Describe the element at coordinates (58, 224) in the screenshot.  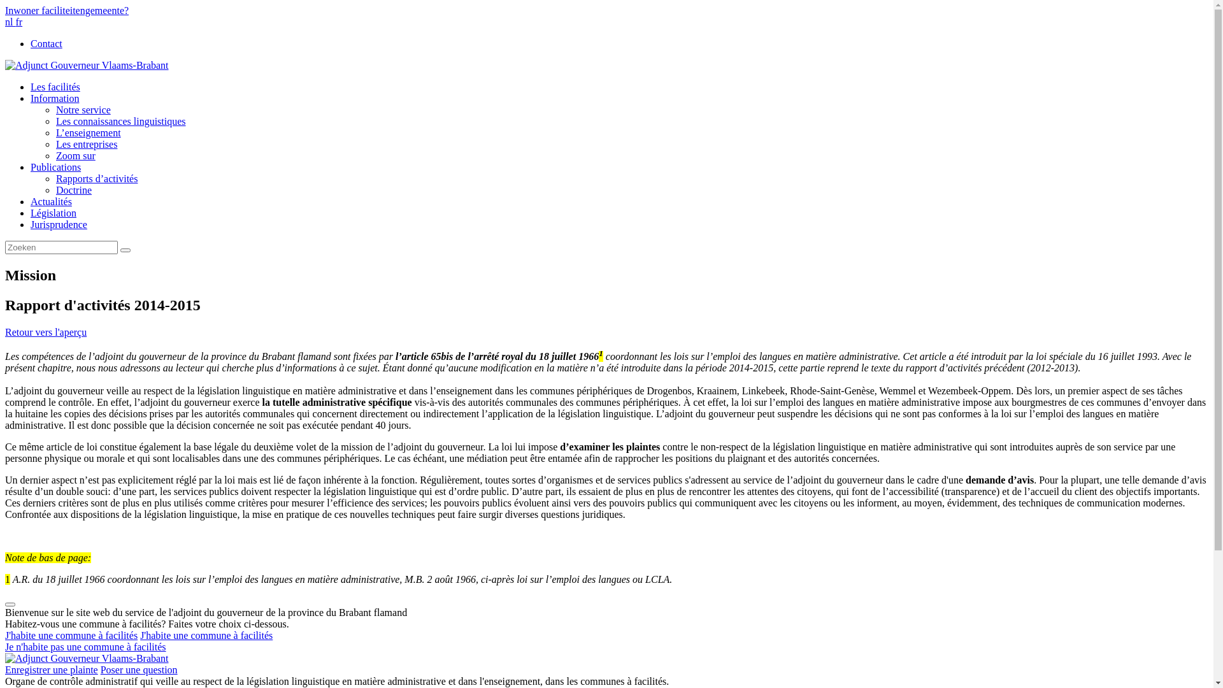
I see `'Jurisprudence'` at that location.